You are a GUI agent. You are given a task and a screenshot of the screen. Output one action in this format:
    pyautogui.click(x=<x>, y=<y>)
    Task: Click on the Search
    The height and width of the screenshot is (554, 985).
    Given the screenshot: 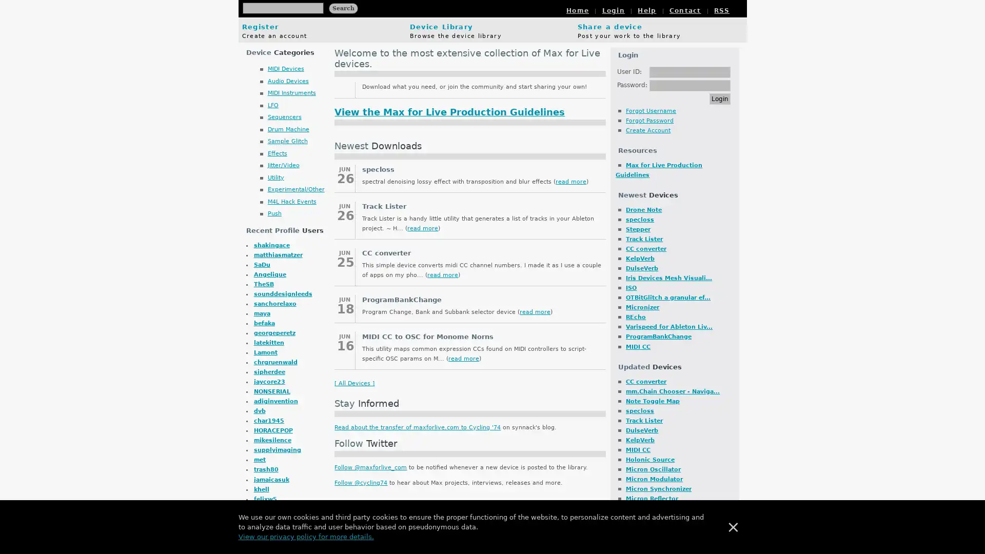 What is the action you would take?
    pyautogui.click(x=343, y=8)
    